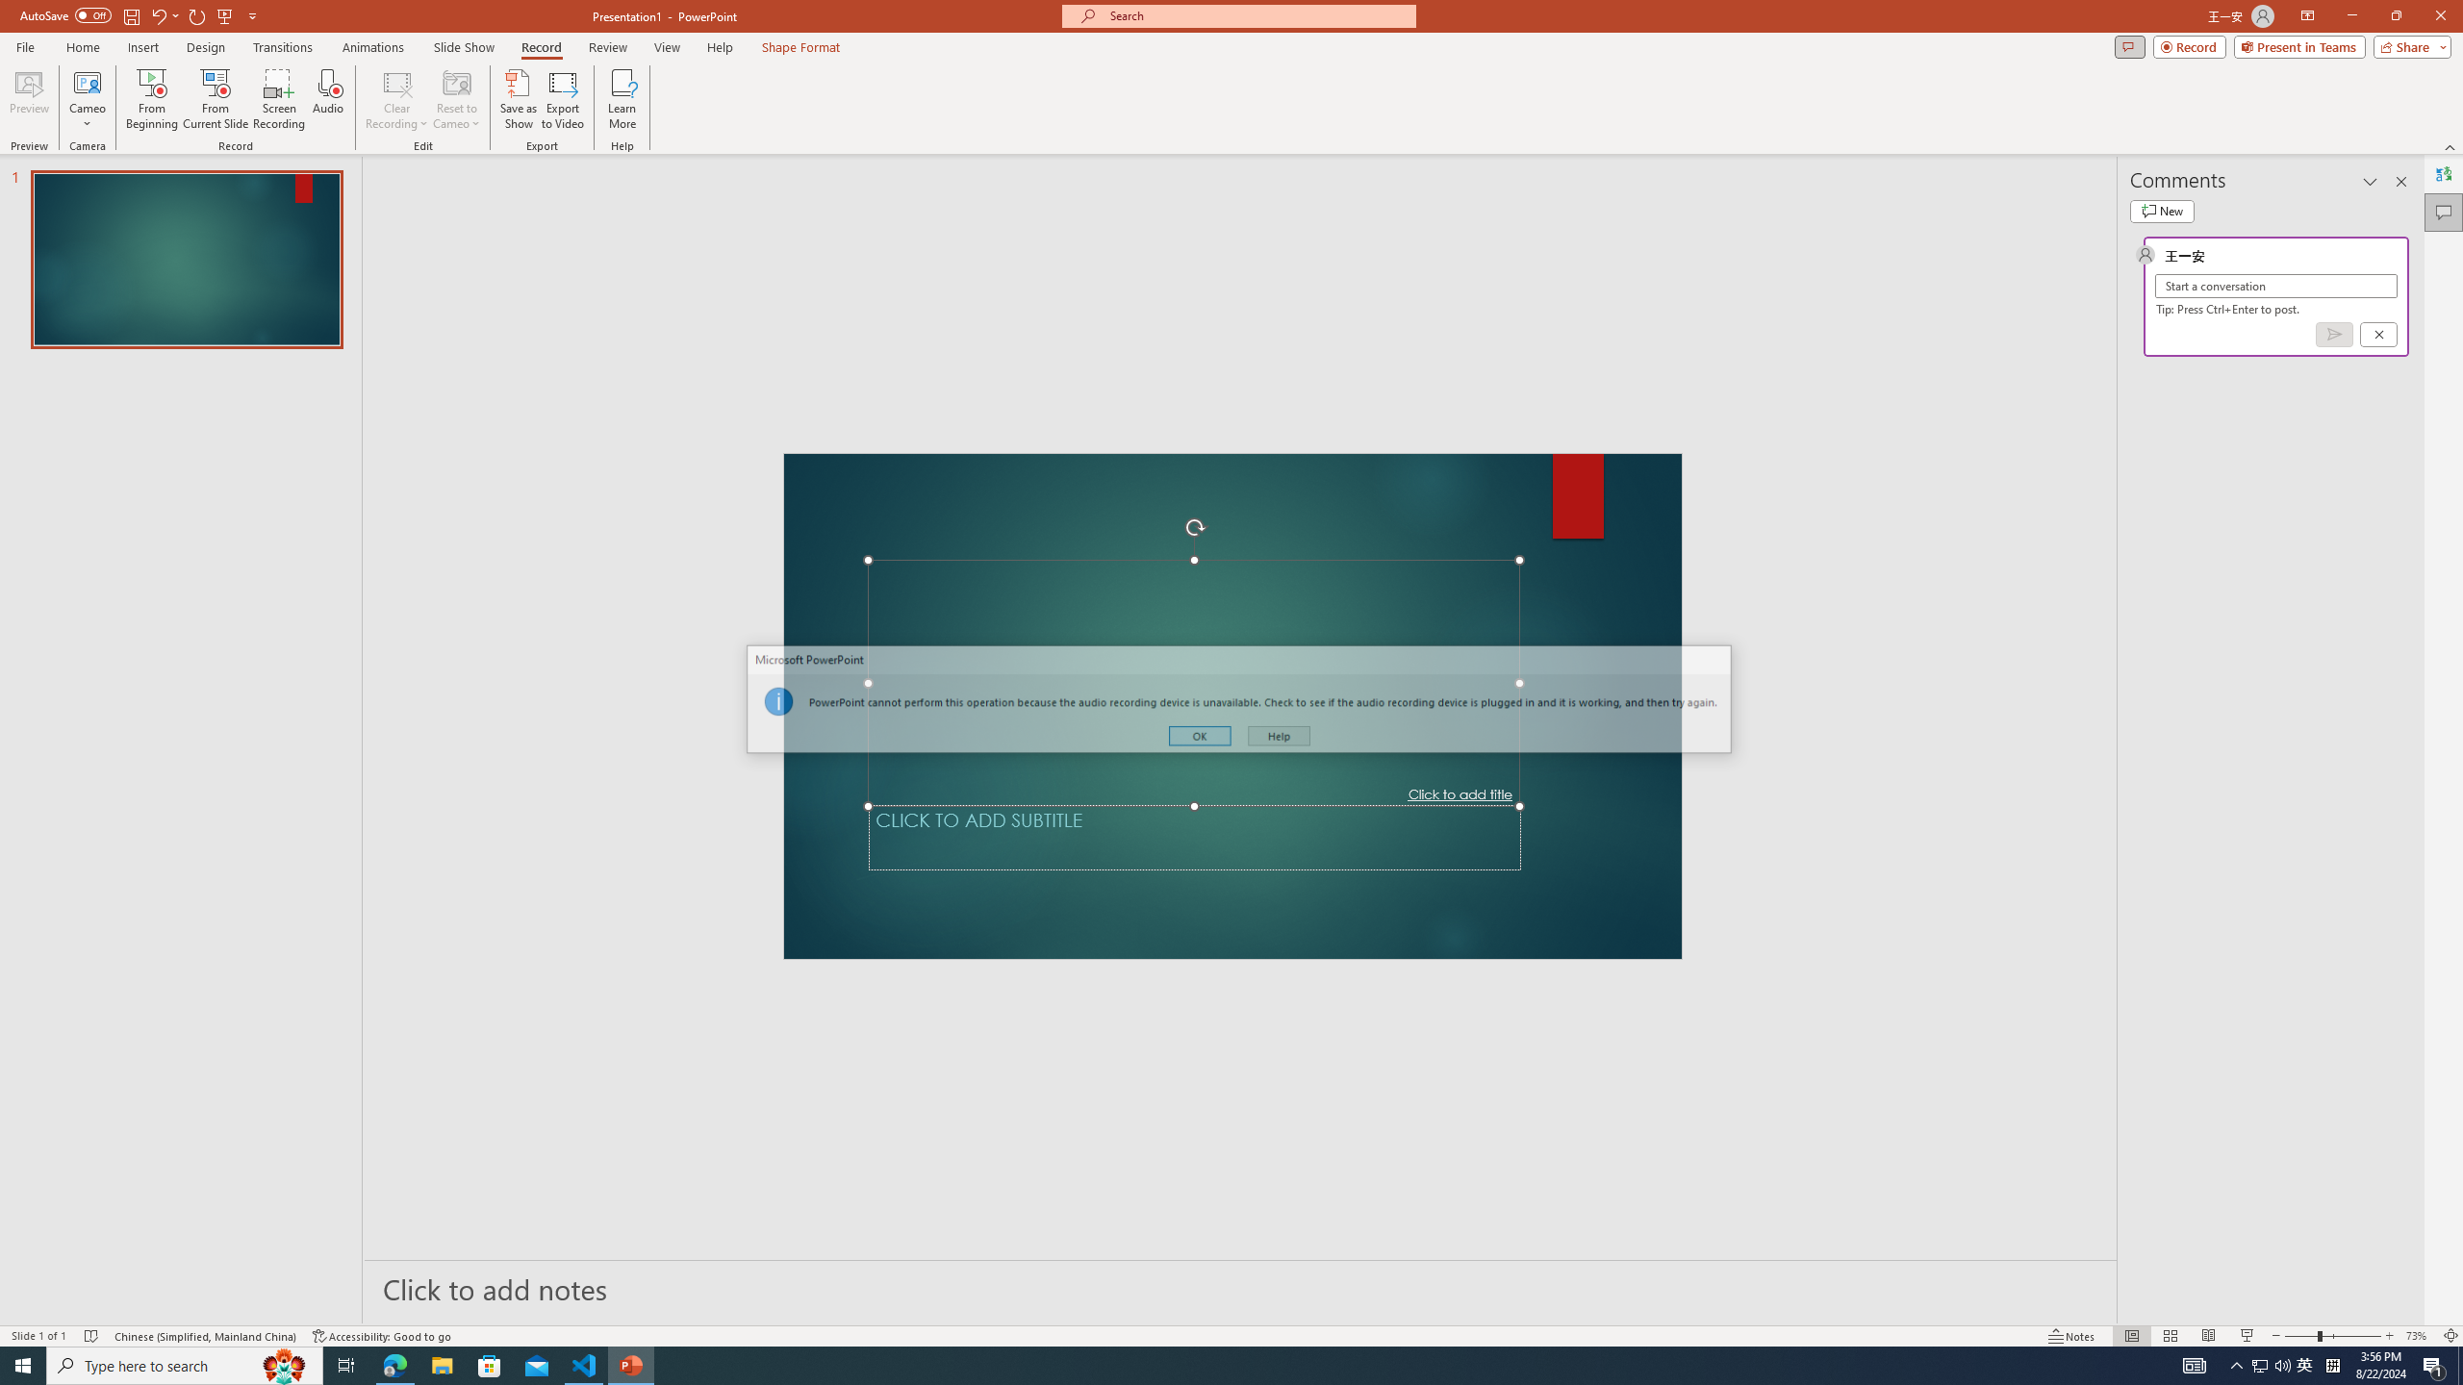 Image resolution: width=2463 pixels, height=1385 pixels. What do you see at coordinates (2161, 210) in the screenshot?
I see `'New comment'` at bounding box center [2161, 210].